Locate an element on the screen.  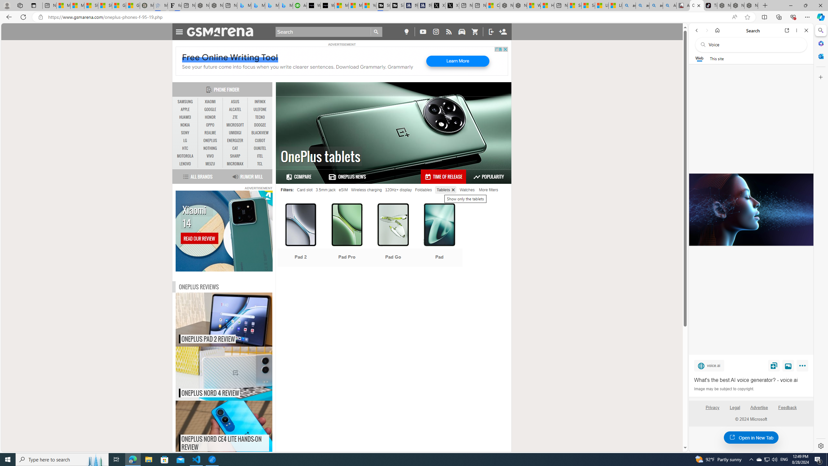
'voice.ai' is located at coordinates (709, 365).